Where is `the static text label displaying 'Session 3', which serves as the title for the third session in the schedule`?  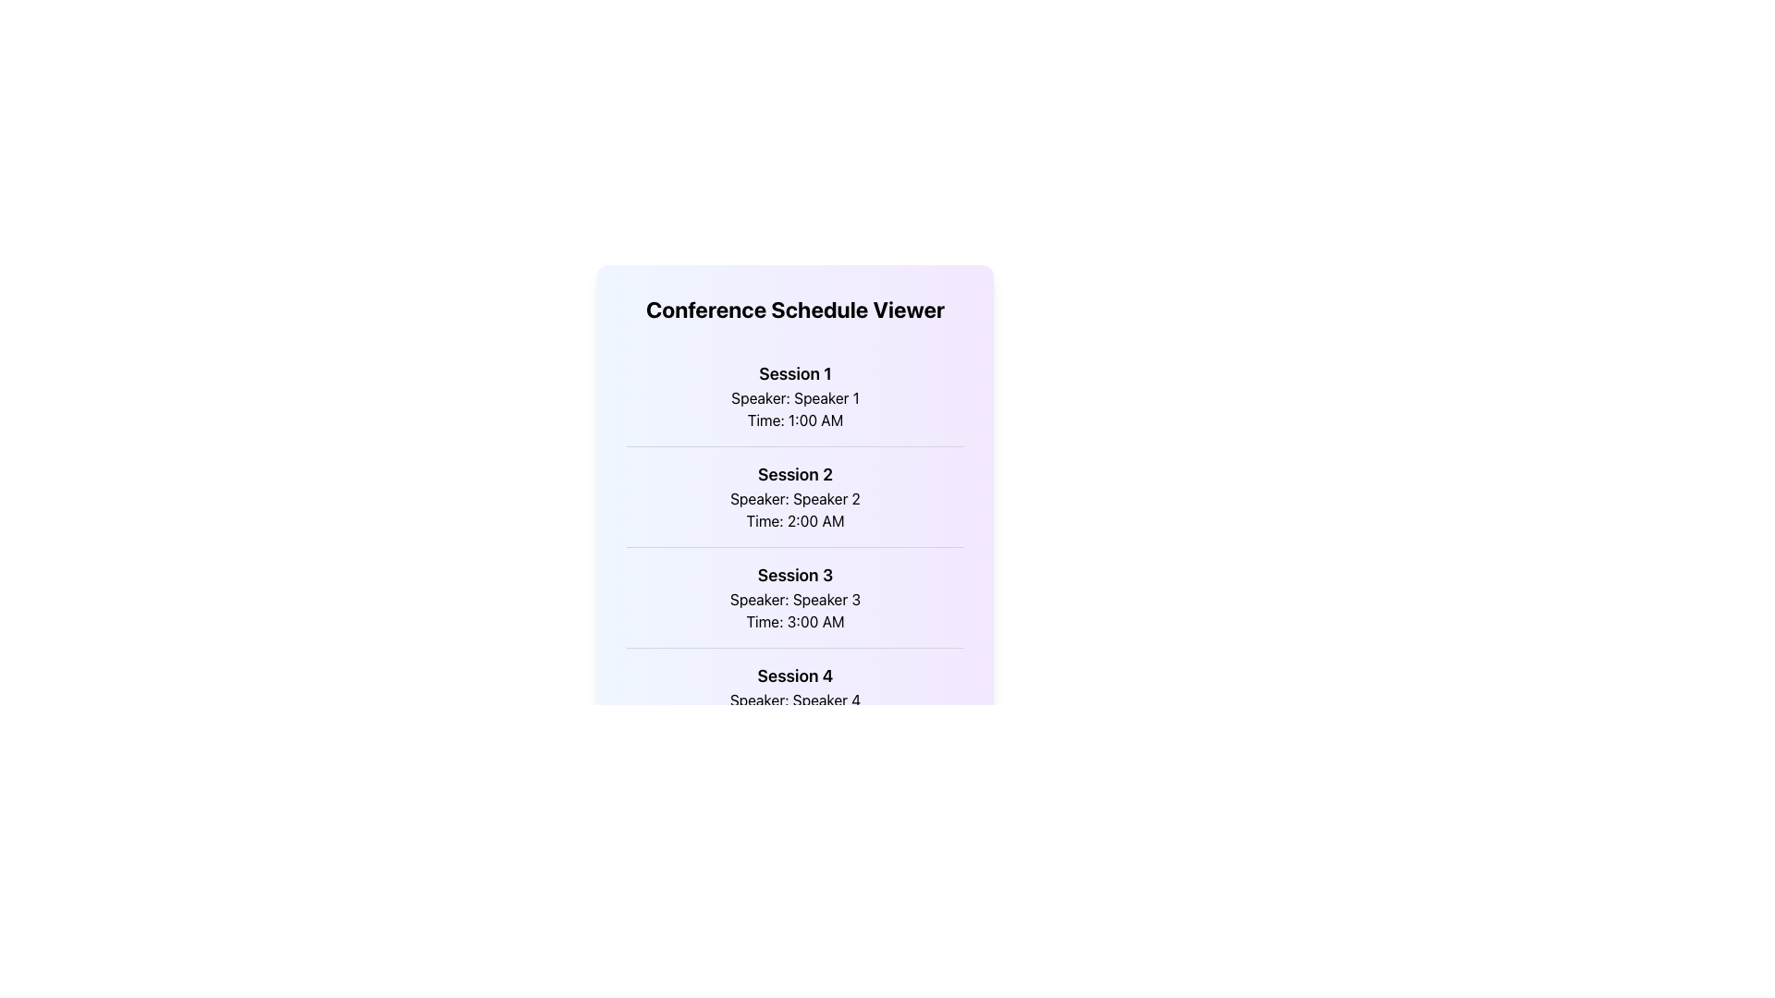
the static text label displaying 'Session 3', which serves as the title for the third session in the schedule is located at coordinates (795, 575).